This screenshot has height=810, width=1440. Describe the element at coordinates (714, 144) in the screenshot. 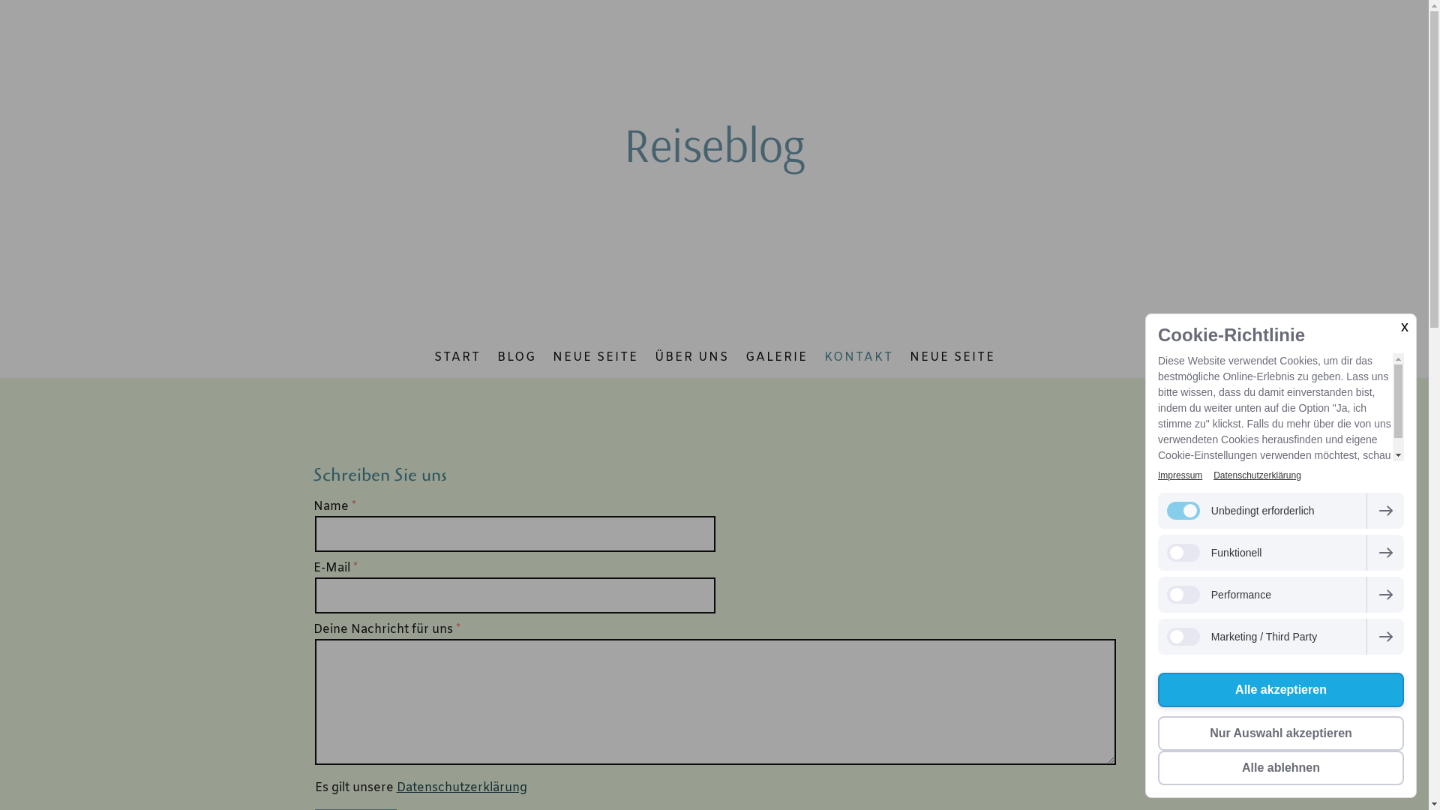

I see `'Reiseblog'` at that location.